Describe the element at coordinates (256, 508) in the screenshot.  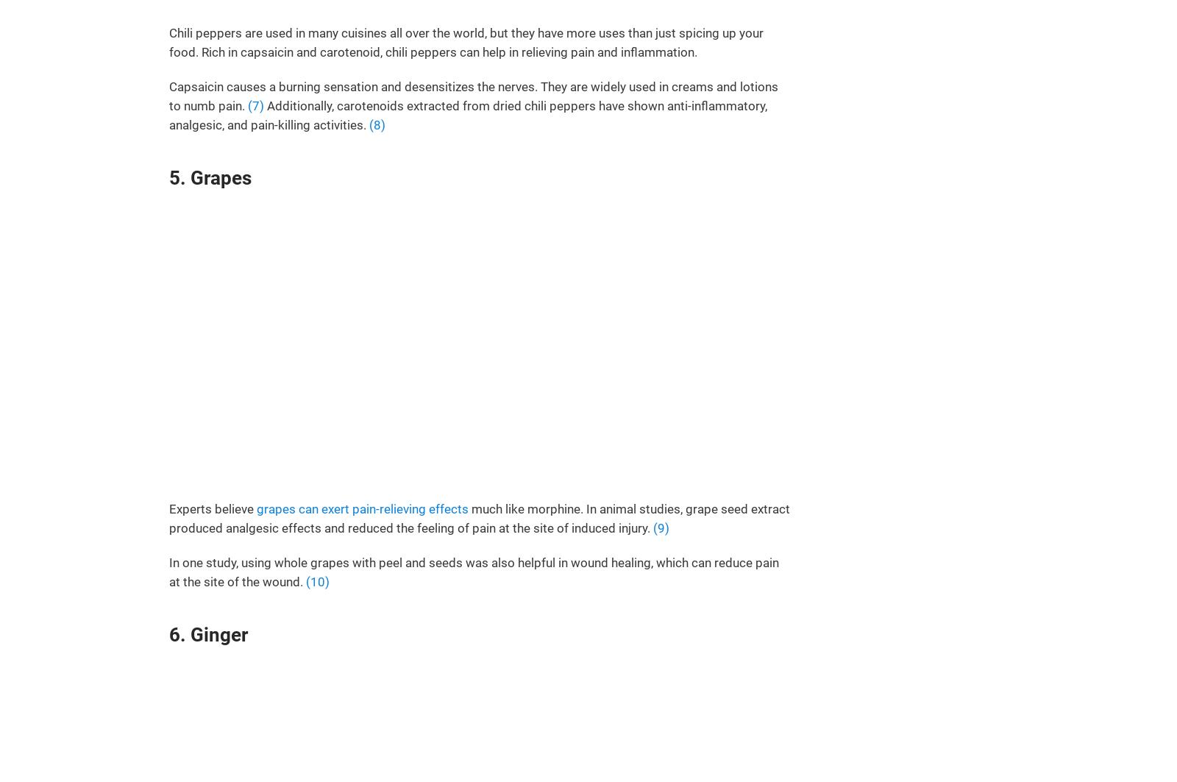
I see `'grapes can exert pain-relieving effects'` at that location.